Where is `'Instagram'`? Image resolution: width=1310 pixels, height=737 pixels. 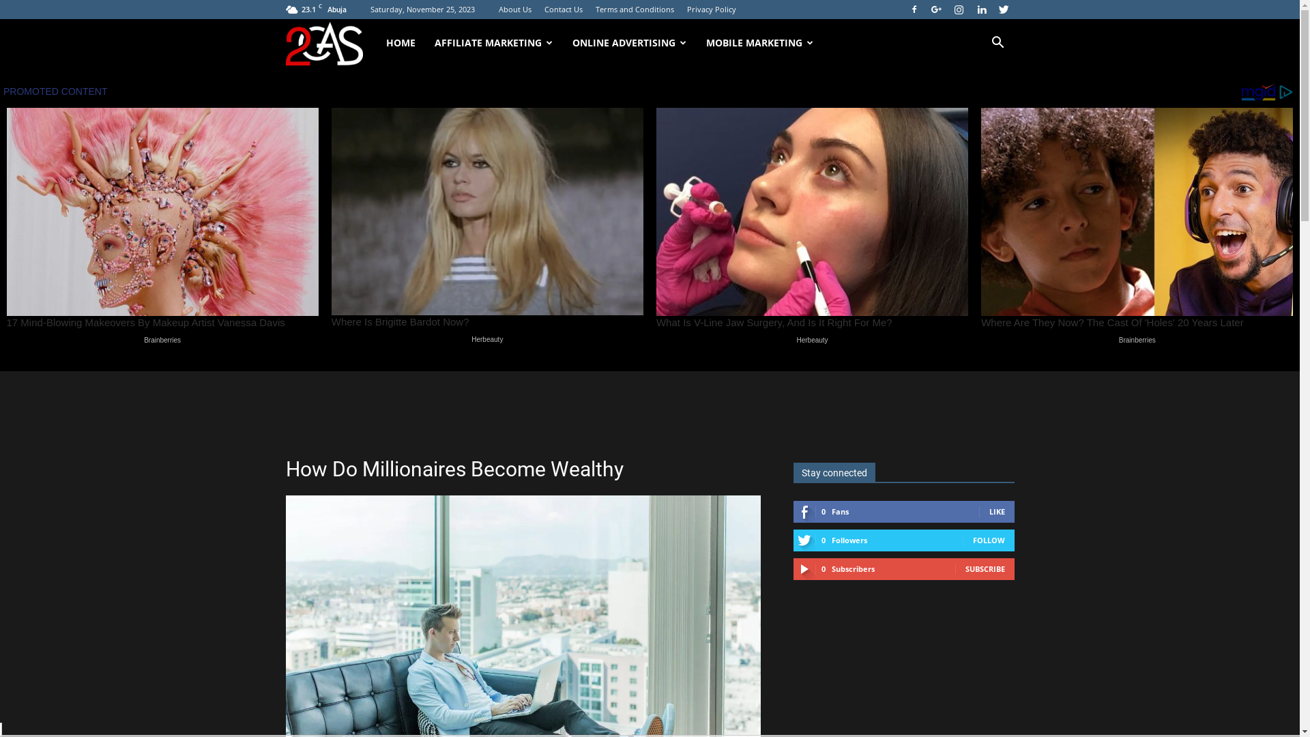
'Instagram' is located at coordinates (958, 10).